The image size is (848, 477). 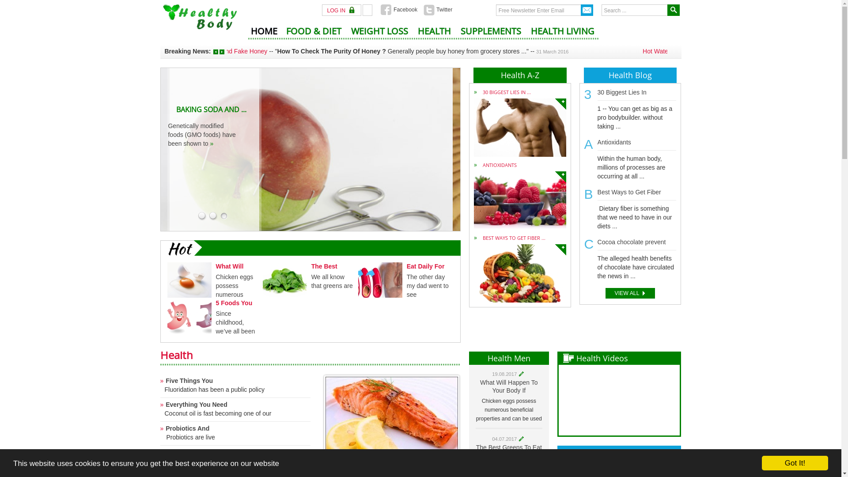 I want to click on 'Send', so click(x=587, y=10).